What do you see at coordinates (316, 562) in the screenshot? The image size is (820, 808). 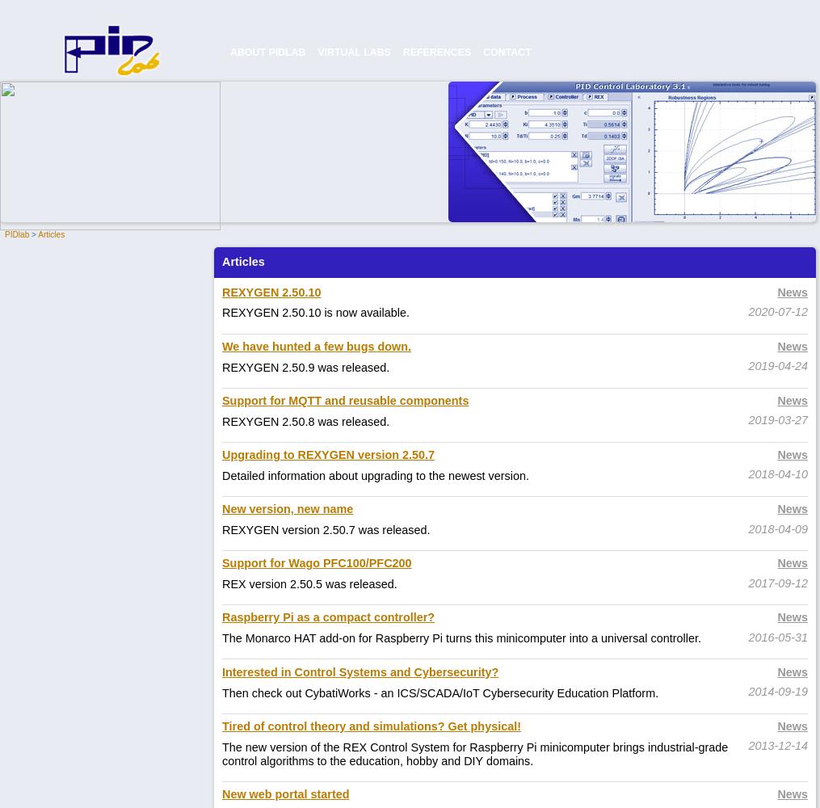 I see `'Support for Wago PFC100/PFC200'` at bounding box center [316, 562].